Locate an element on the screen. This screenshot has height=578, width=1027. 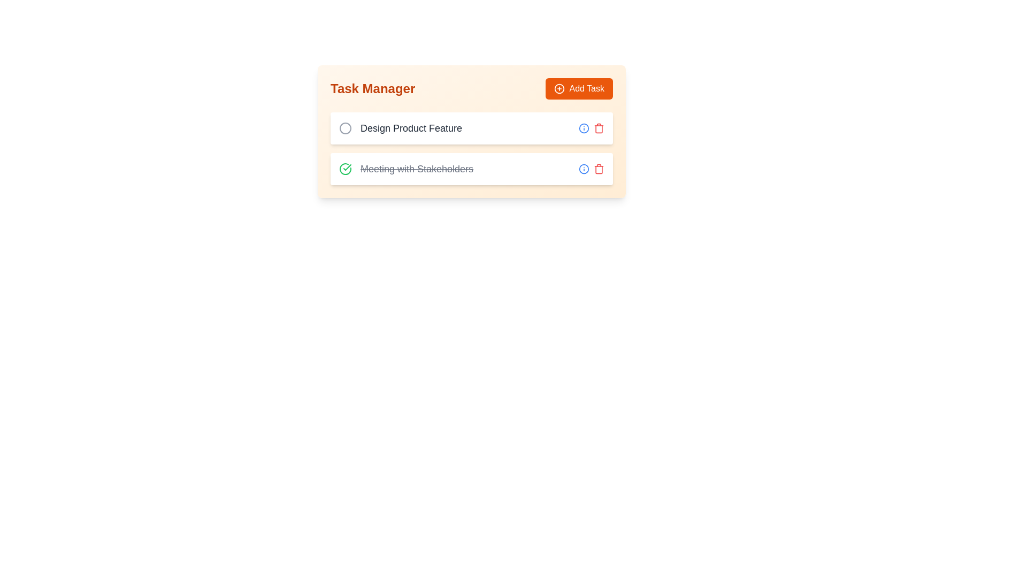
the circular icon with a hollow center, styled with a light-gray stroke, located to the left of the text 'Design Product Feature' within the first task card in the 'Task Manager' is located at coordinates (346, 127).